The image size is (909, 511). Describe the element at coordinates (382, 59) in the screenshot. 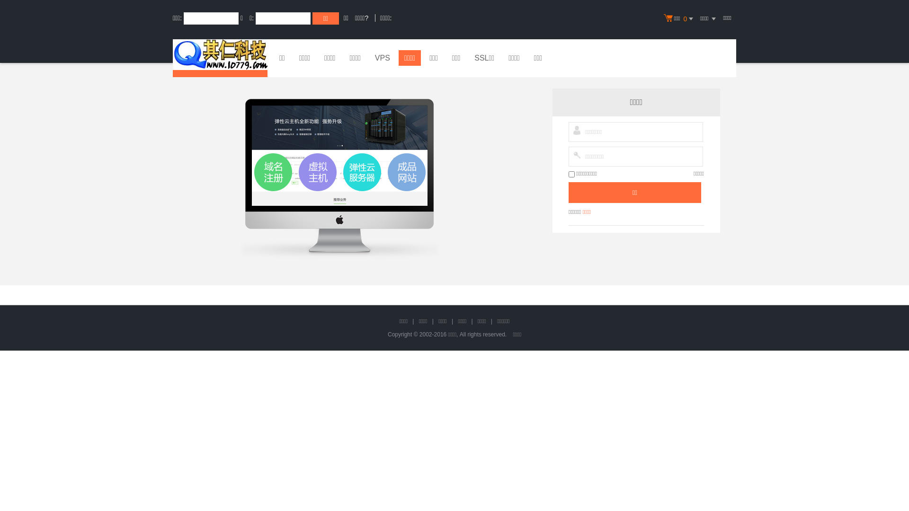

I see `'VPS'` at that location.